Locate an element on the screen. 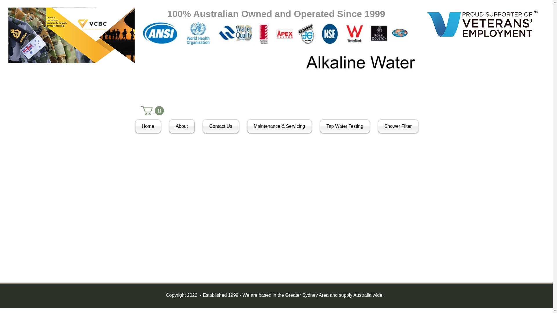 The image size is (557, 313). '0' is located at coordinates (152, 110).